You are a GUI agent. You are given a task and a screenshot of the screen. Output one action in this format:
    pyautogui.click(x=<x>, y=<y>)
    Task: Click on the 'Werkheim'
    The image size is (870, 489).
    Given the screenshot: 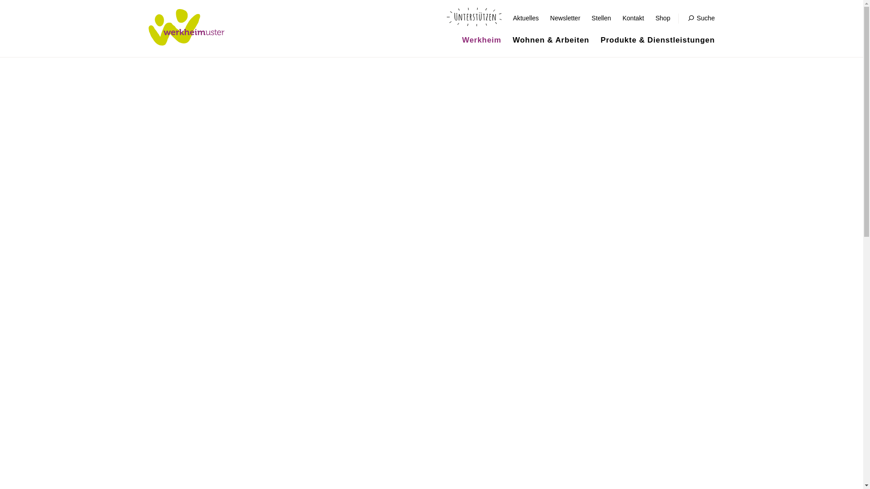 What is the action you would take?
    pyautogui.click(x=481, y=39)
    